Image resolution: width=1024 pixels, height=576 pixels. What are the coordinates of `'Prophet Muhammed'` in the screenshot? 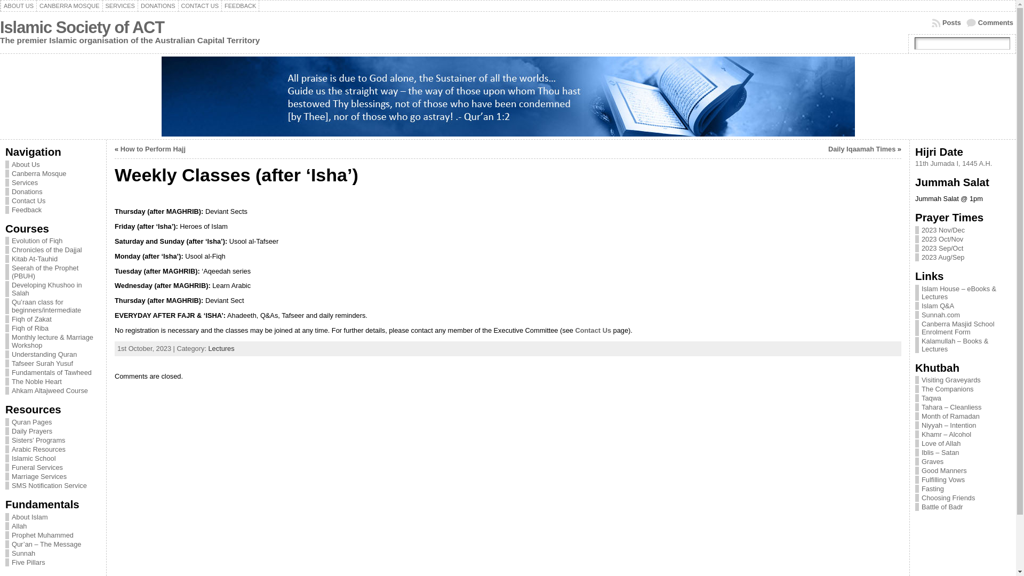 It's located at (52, 535).